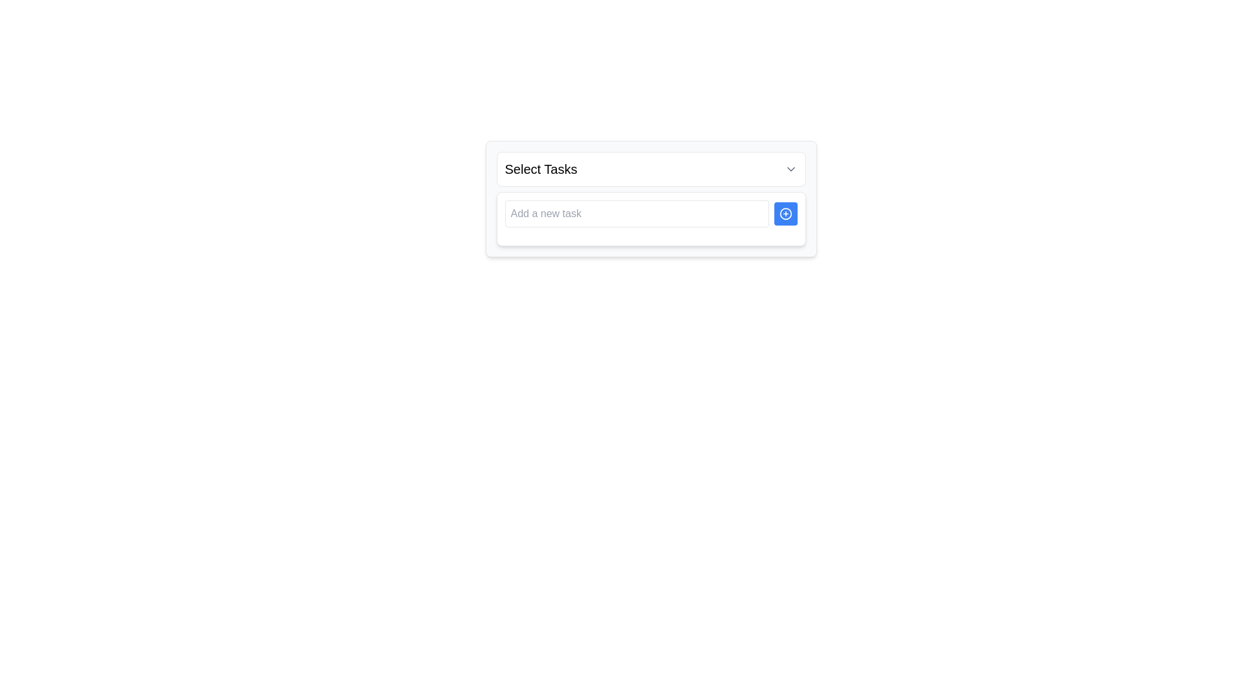 The image size is (1242, 698). Describe the element at coordinates (790, 169) in the screenshot. I see `the dropdown chevron located at the far right of the 'Select Tasks' header` at that location.